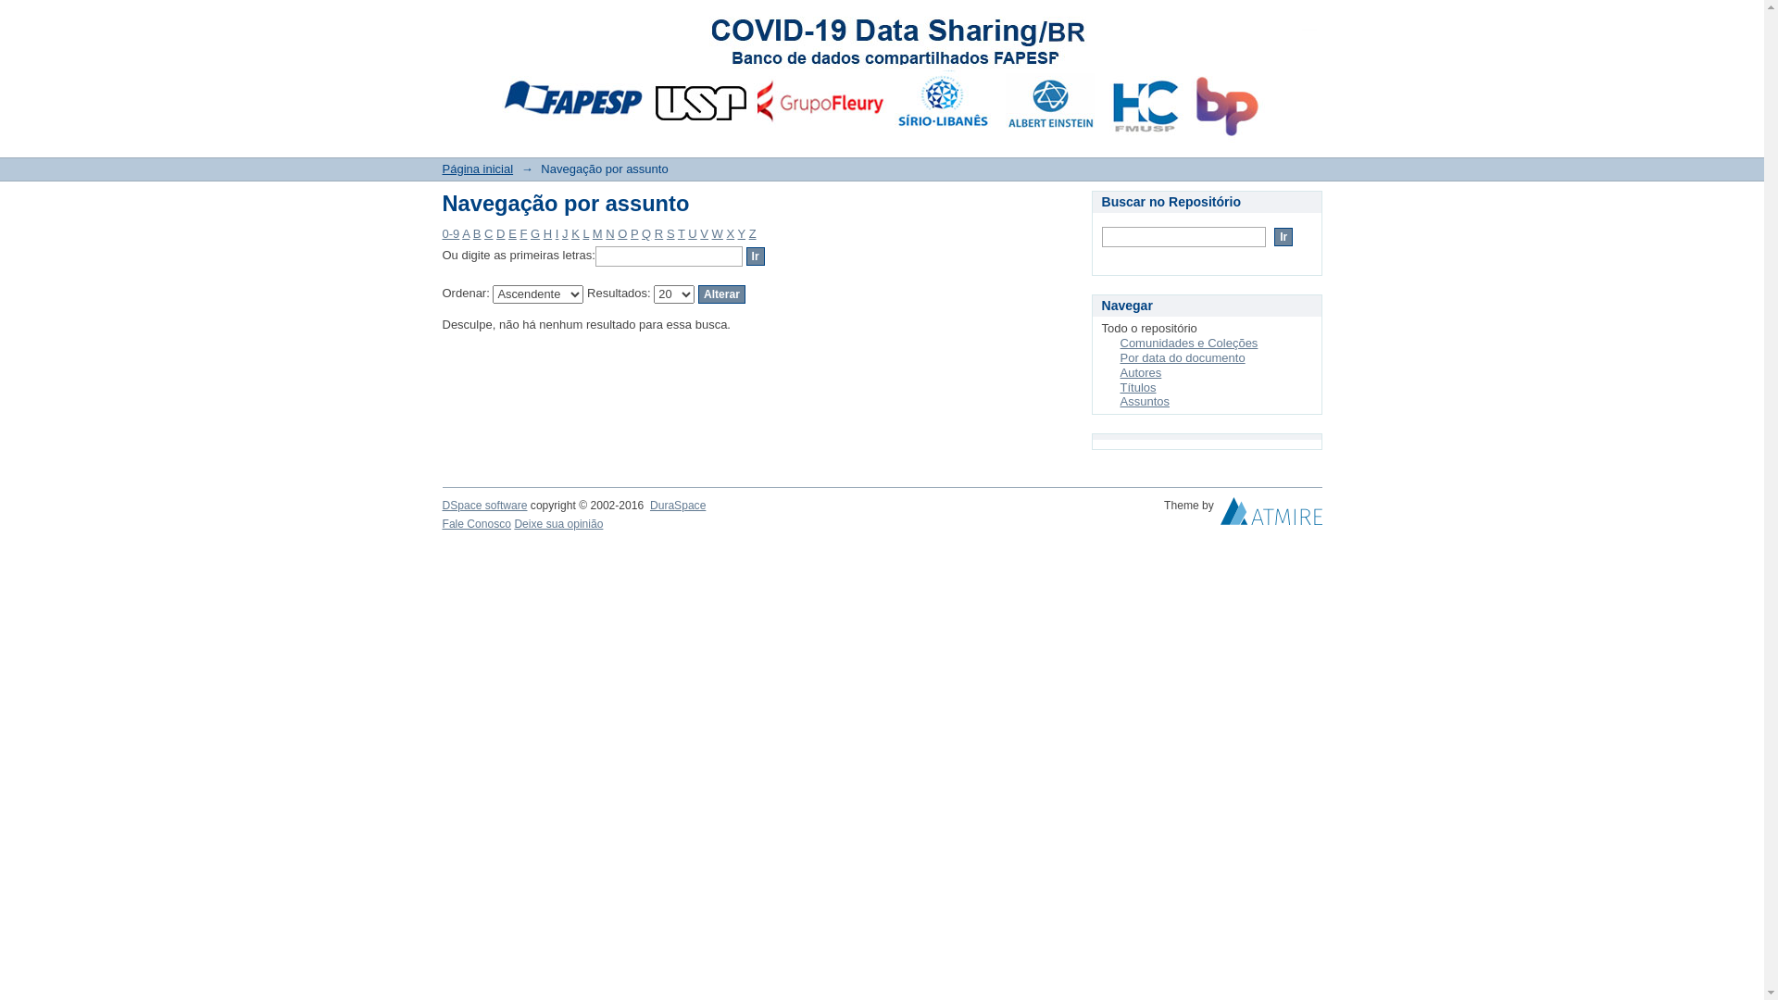 This screenshot has width=1778, height=1000. Describe the element at coordinates (488, 232) in the screenshot. I see `'C'` at that location.